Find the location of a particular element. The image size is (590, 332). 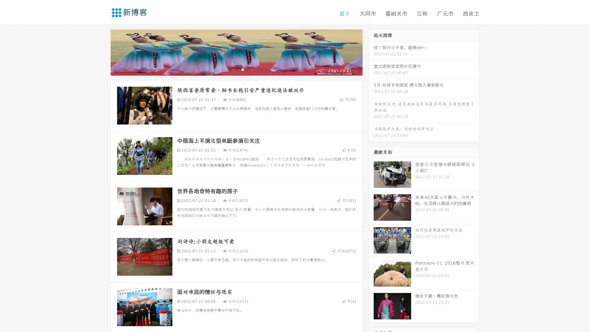

Go to slide 3 is located at coordinates (242, 69).